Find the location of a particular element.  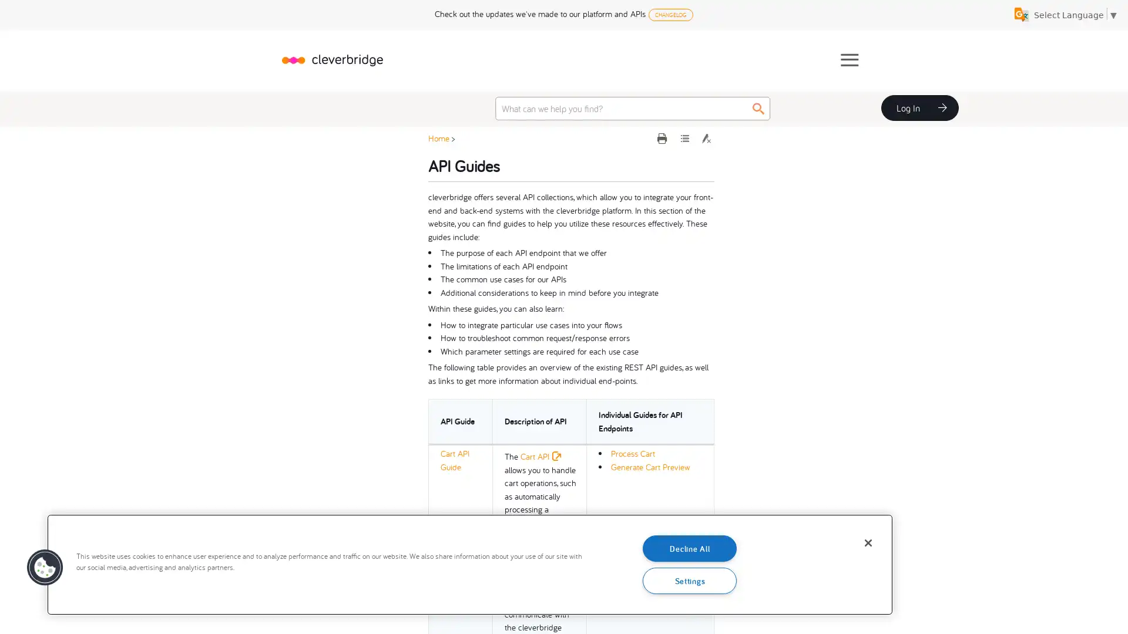

Close is located at coordinates (868, 543).